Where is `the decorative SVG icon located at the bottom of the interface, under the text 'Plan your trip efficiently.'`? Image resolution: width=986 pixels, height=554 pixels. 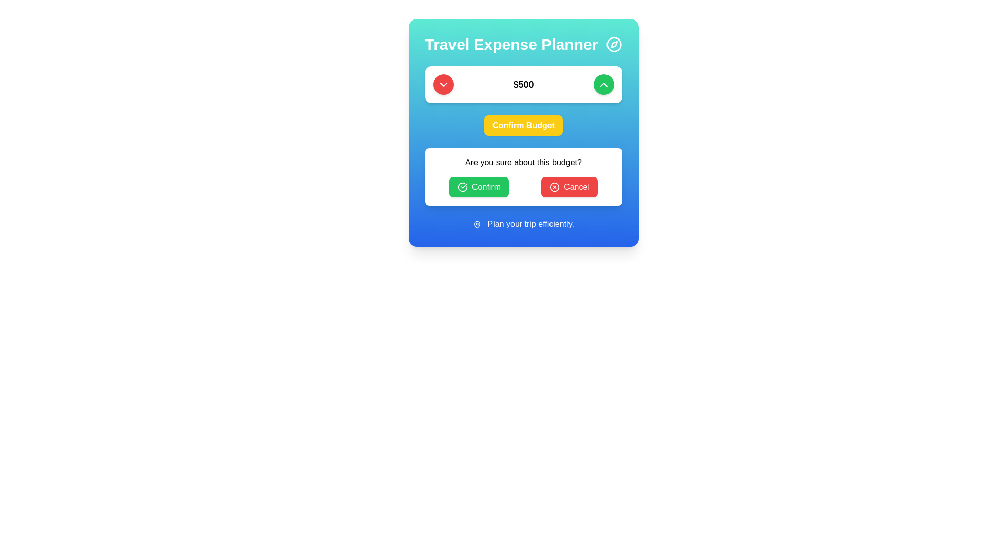
the decorative SVG icon located at the bottom of the interface, under the text 'Plan your trip efficiently.' is located at coordinates (477, 224).